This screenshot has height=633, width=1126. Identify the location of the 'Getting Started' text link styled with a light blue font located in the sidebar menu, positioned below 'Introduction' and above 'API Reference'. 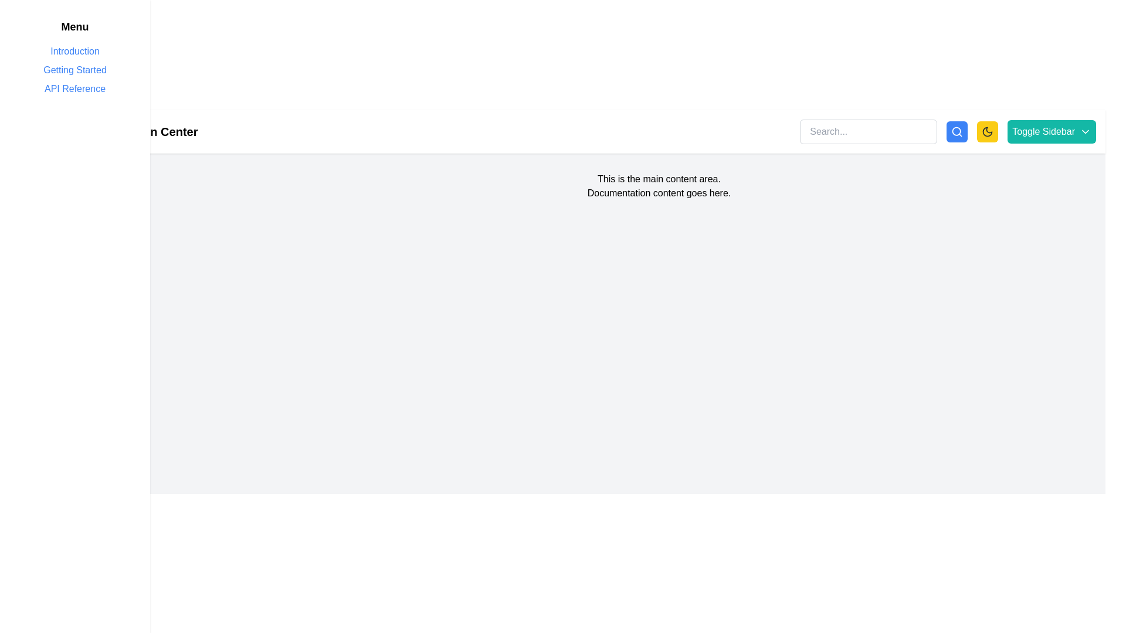
(74, 70).